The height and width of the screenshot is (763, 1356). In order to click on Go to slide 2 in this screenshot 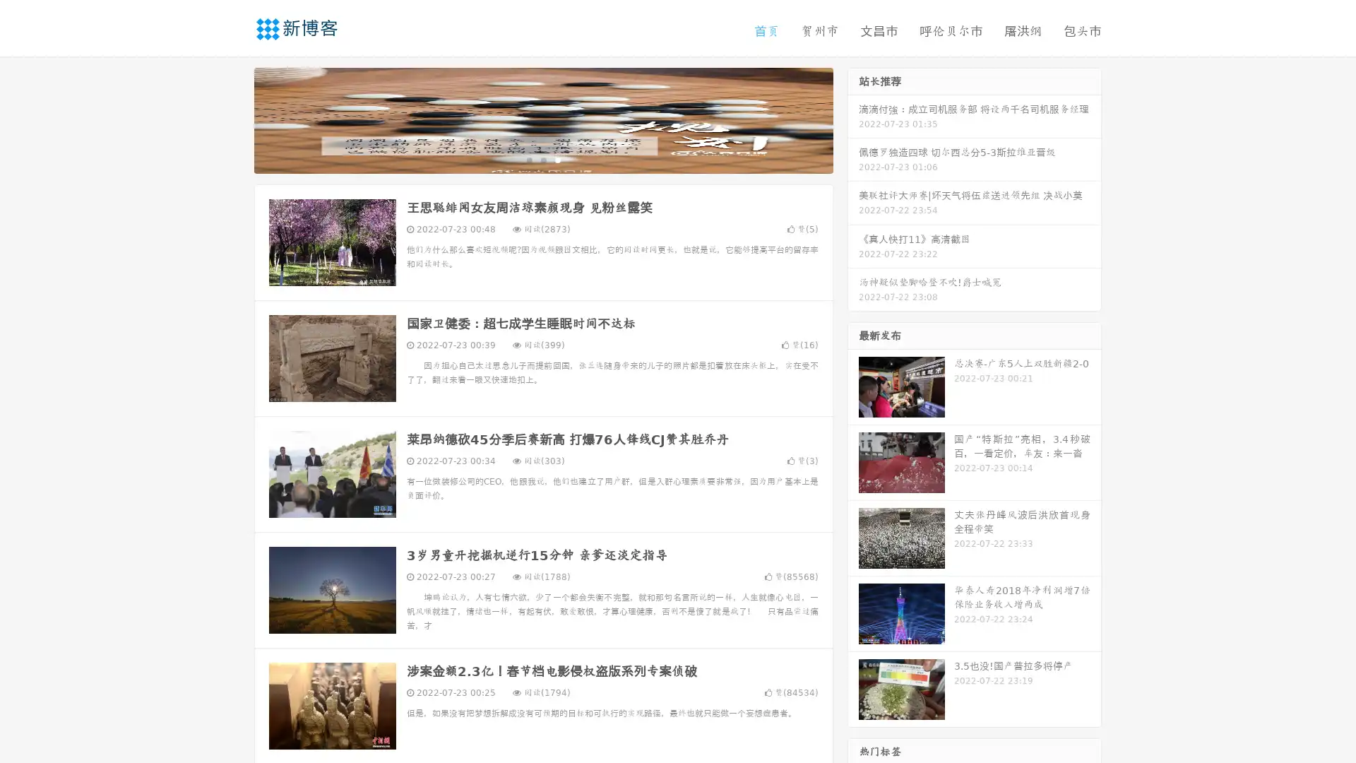, I will do `click(542, 159)`.